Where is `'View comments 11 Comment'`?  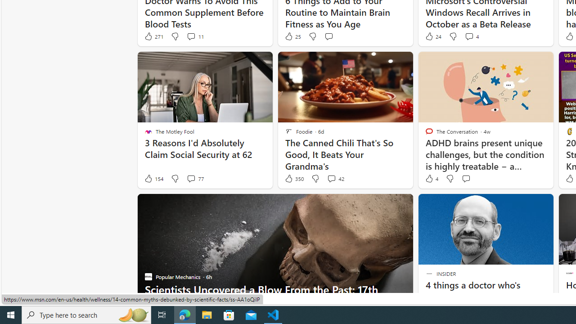 'View comments 11 Comment' is located at coordinates (190, 36).